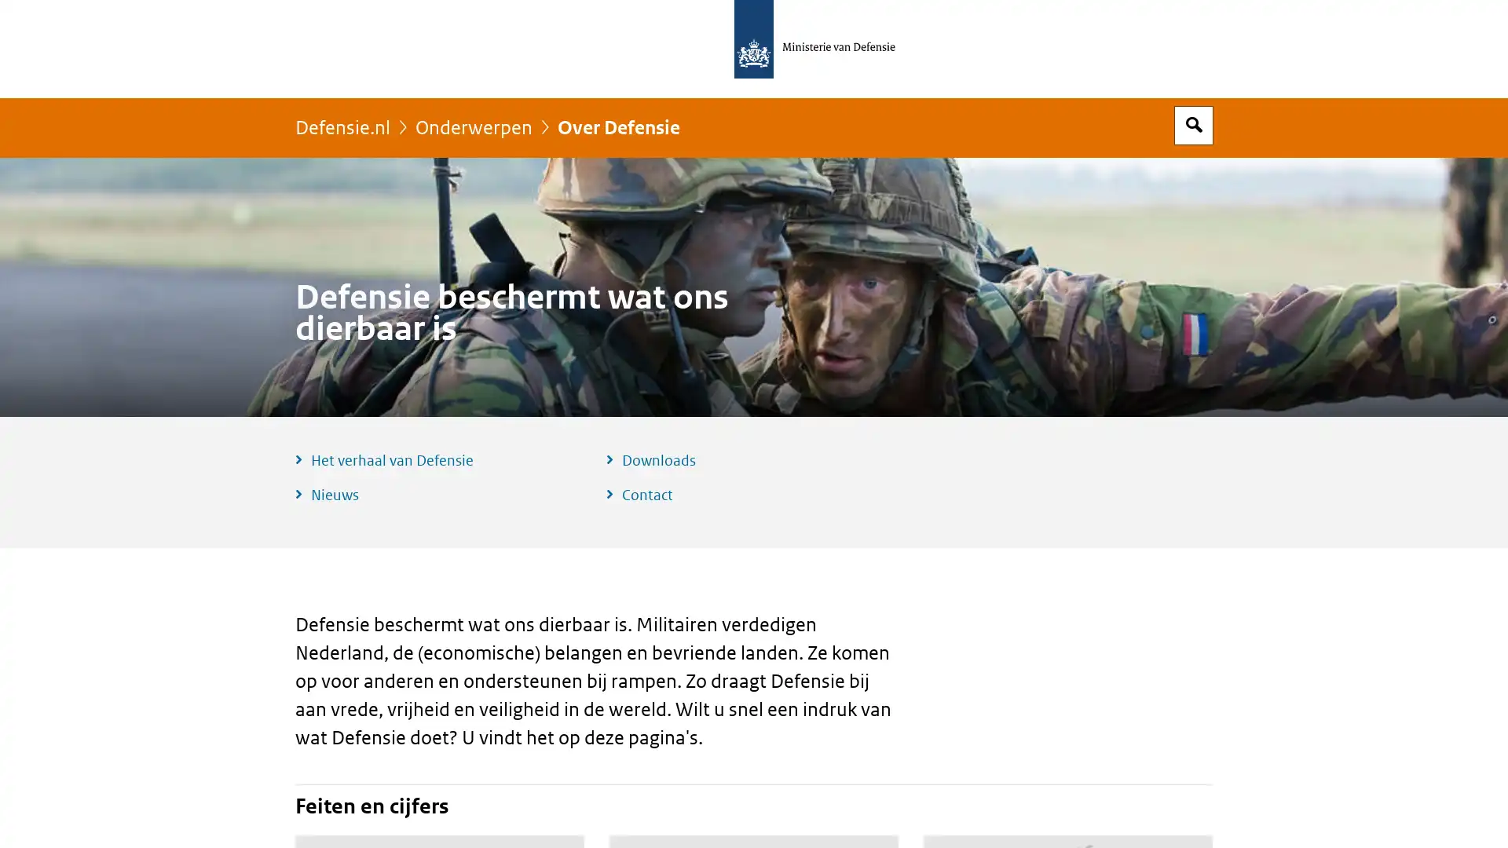 This screenshot has width=1508, height=848. Describe the element at coordinates (1194, 124) in the screenshot. I see `Open zoekveld` at that location.